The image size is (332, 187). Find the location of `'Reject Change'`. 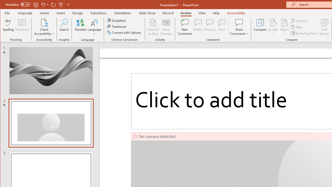

'Reject Change' is located at coordinates (284, 22).